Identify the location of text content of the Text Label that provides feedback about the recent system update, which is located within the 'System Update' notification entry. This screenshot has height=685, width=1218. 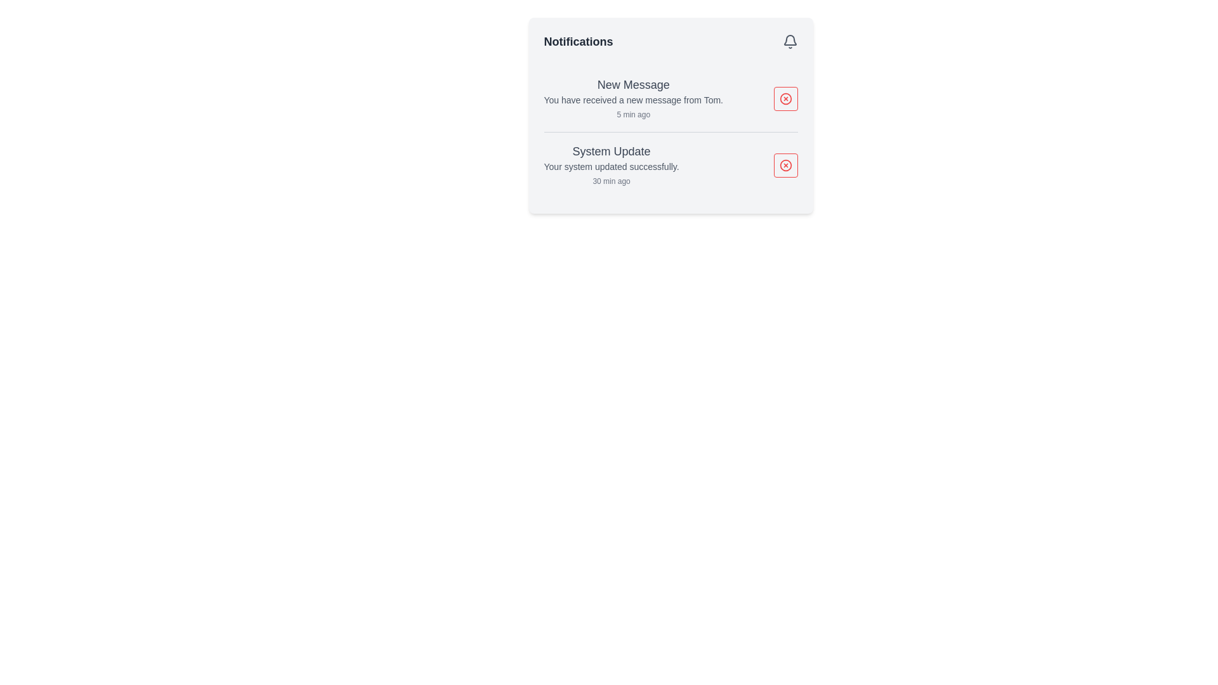
(612, 166).